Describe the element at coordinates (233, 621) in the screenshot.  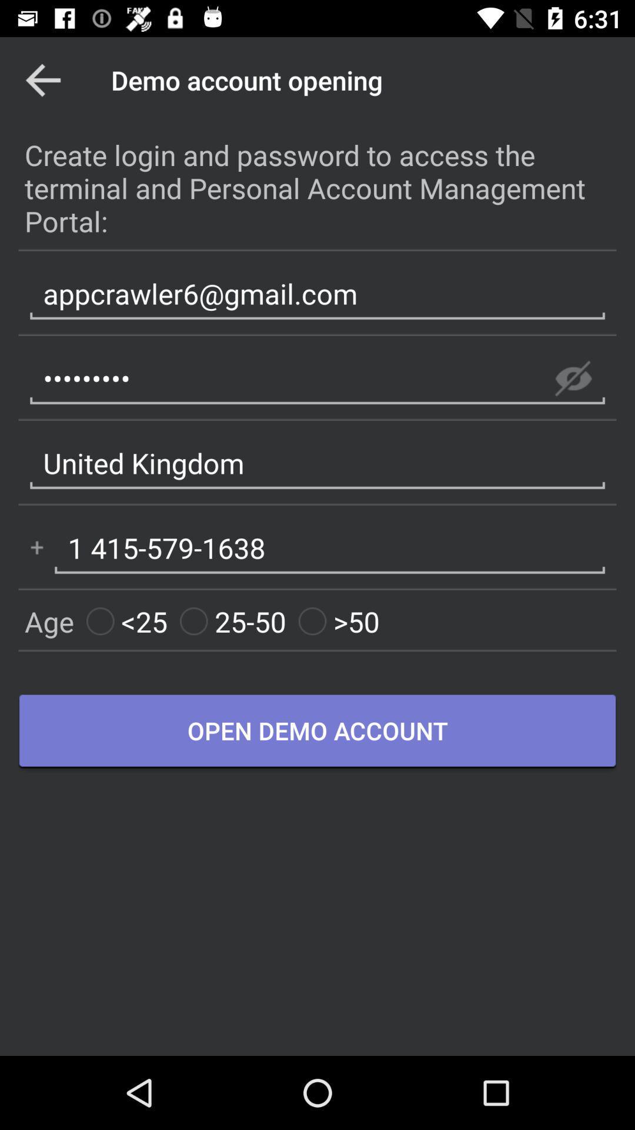
I see `icon above the open demo account` at that location.